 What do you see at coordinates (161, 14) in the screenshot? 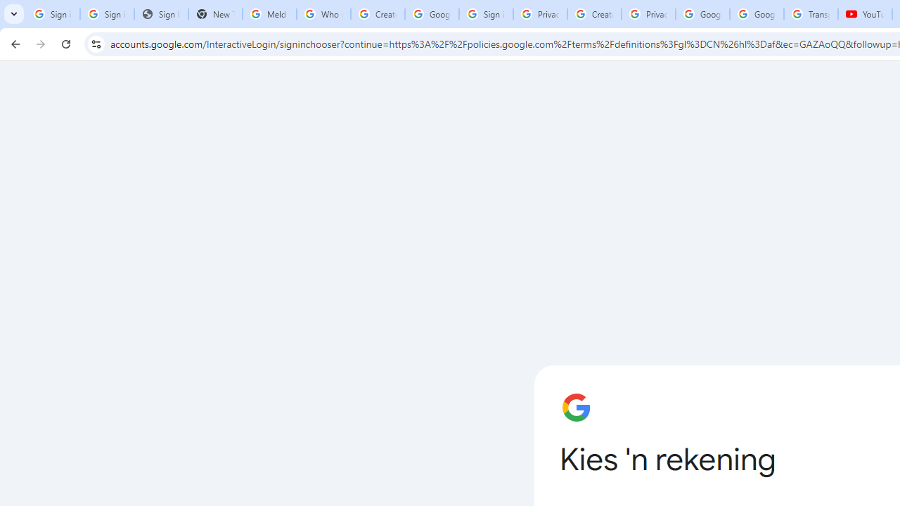
I see `'Sign In - USA TODAY'` at bounding box center [161, 14].